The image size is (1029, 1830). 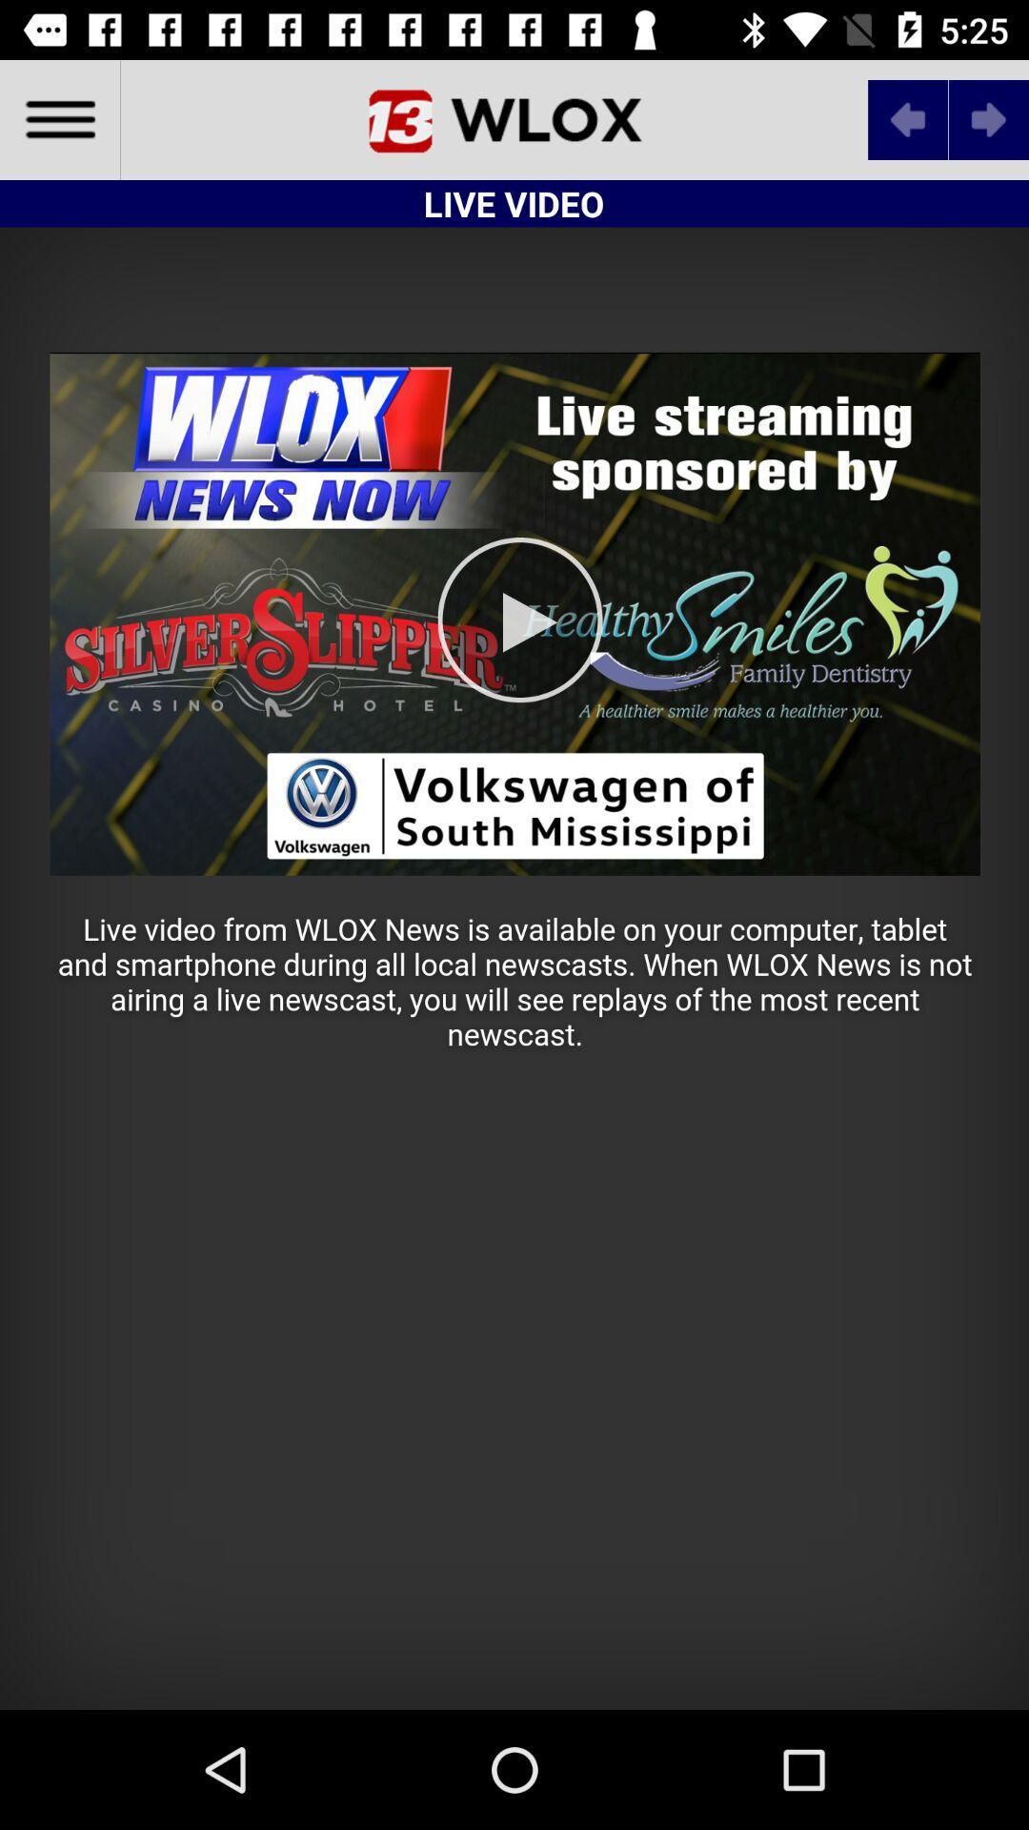 What do you see at coordinates (58, 118) in the screenshot?
I see `the menu icon` at bounding box center [58, 118].